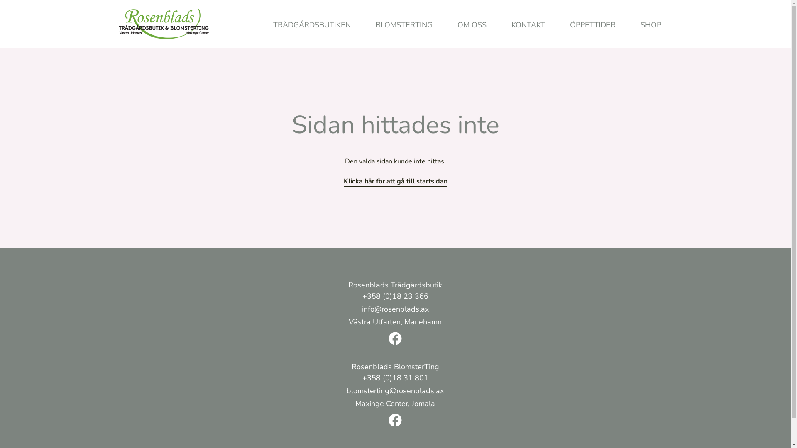 This screenshot has width=797, height=448. What do you see at coordinates (394, 392) in the screenshot?
I see `'blomsterting@rosenblads.ax'` at bounding box center [394, 392].